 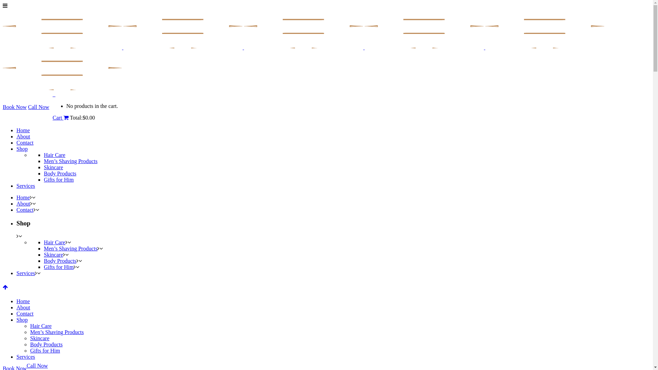 What do you see at coordinates (59, 179) in the screenshot?
I see `'Gifts for Him'` at bounding box center [59, 179].